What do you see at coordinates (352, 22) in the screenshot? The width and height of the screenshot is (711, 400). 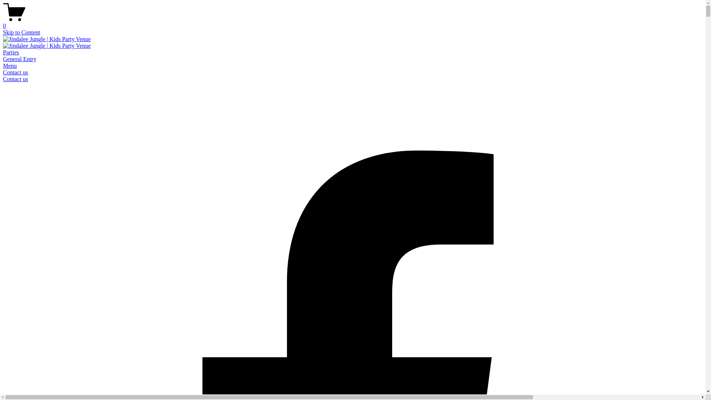 I see `'0'` at bounding box center [352, 22].